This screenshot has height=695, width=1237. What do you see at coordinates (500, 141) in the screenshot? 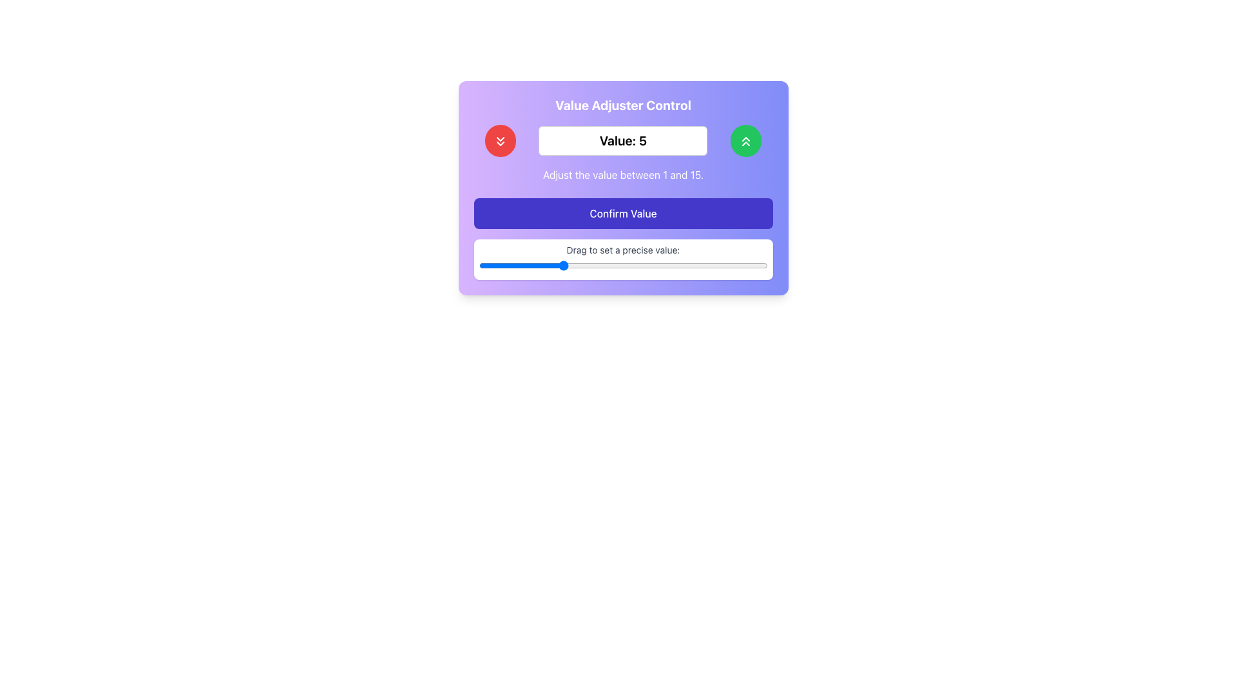
I see `the red circular button icon that decreases the value in the associated control, located on the left-hand side of the control panel` at bounding box center [500, 141].